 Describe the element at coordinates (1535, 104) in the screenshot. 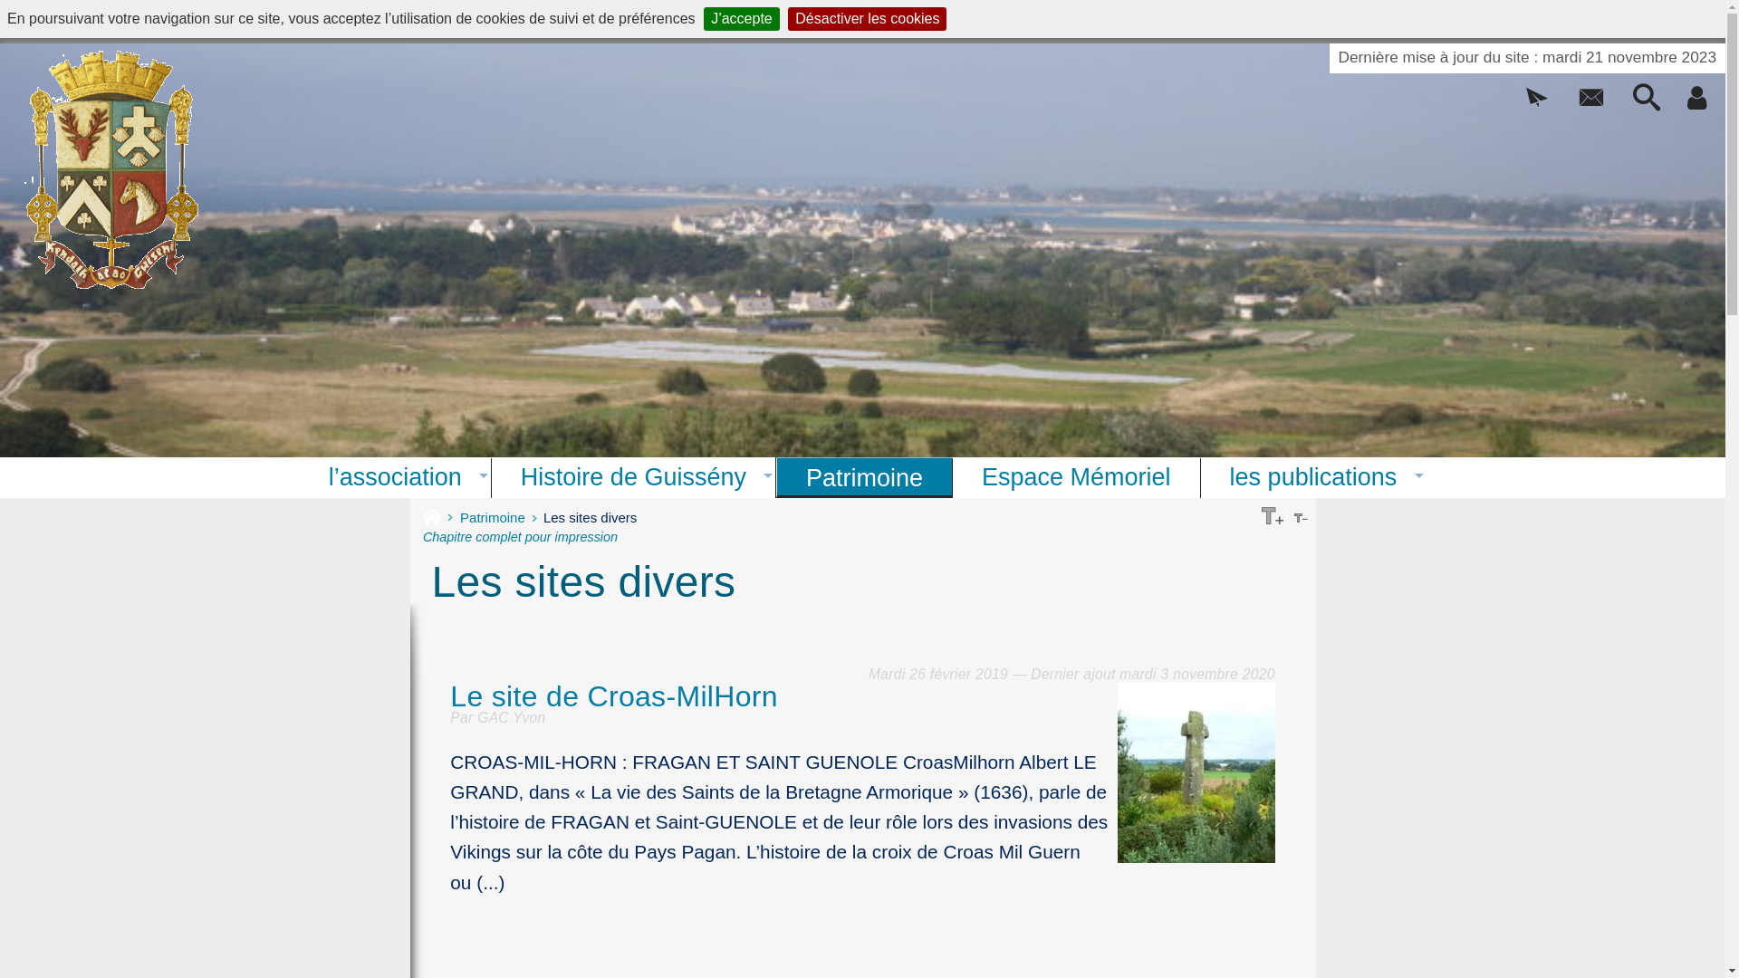

I see `'Recevoir la newsletter du site'` at that location.